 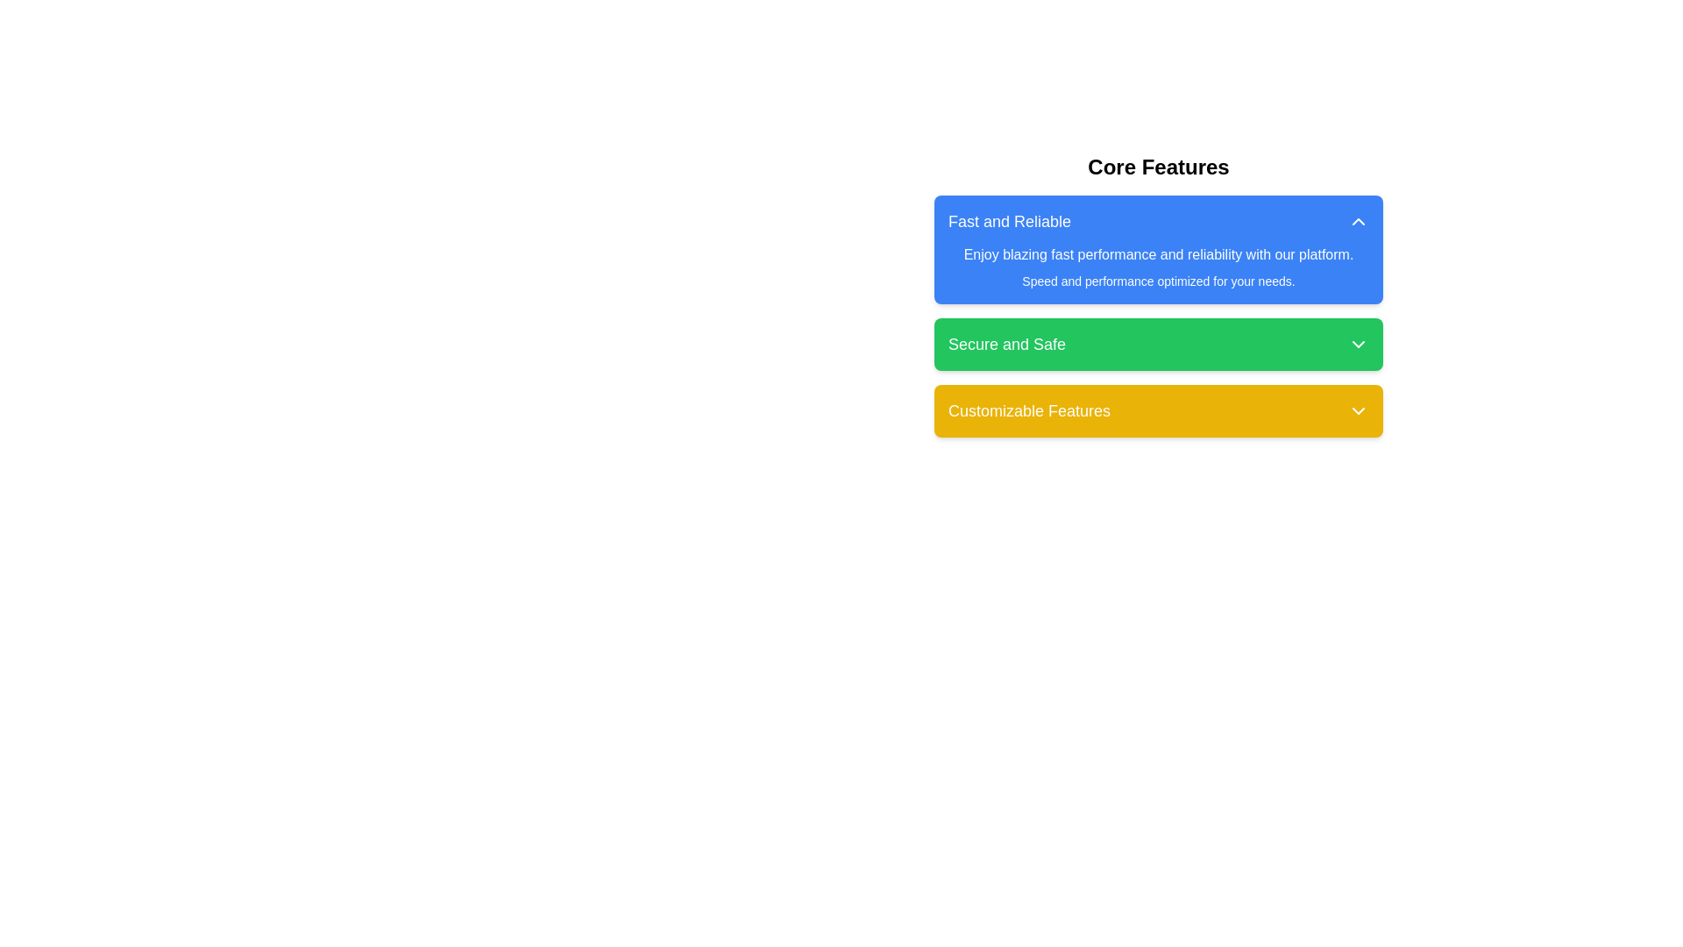 I want to click on the second expandable panel under the 'Core Features' header, which is a green rectangular section with rounded edges and white text reading 'Secure and Safe', so click(x=1158, y=317).